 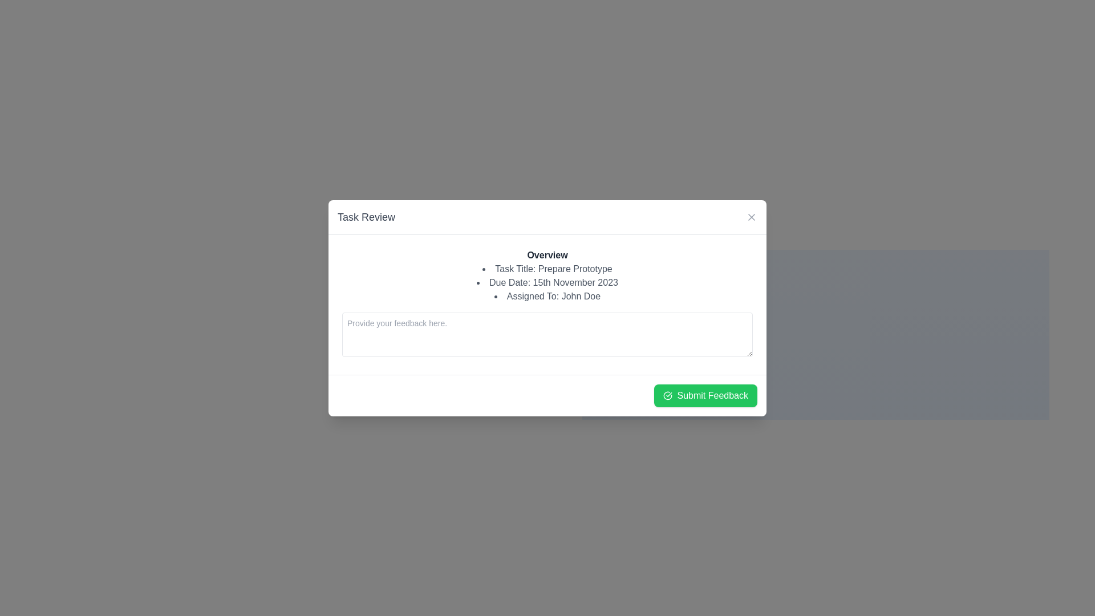 I want to click on the text block containing bullet points about the task, due date, and assigned person, which is centrally aligned within the overview section, so click(x=547, y=282).